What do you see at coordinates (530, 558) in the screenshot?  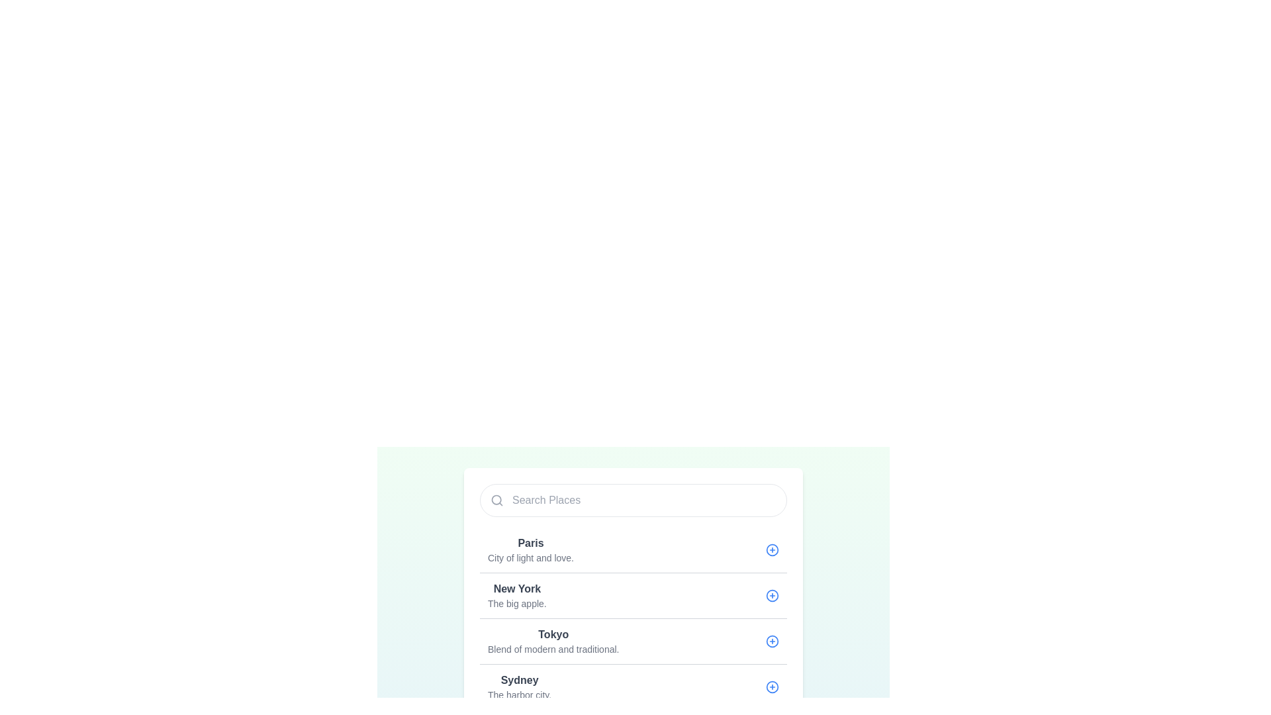 I see `the static text label that provides additional information for the location 'Paris', positioned below the bold 'Paris' label in the top section of a list-like structure` at bounding box center [530, 558].